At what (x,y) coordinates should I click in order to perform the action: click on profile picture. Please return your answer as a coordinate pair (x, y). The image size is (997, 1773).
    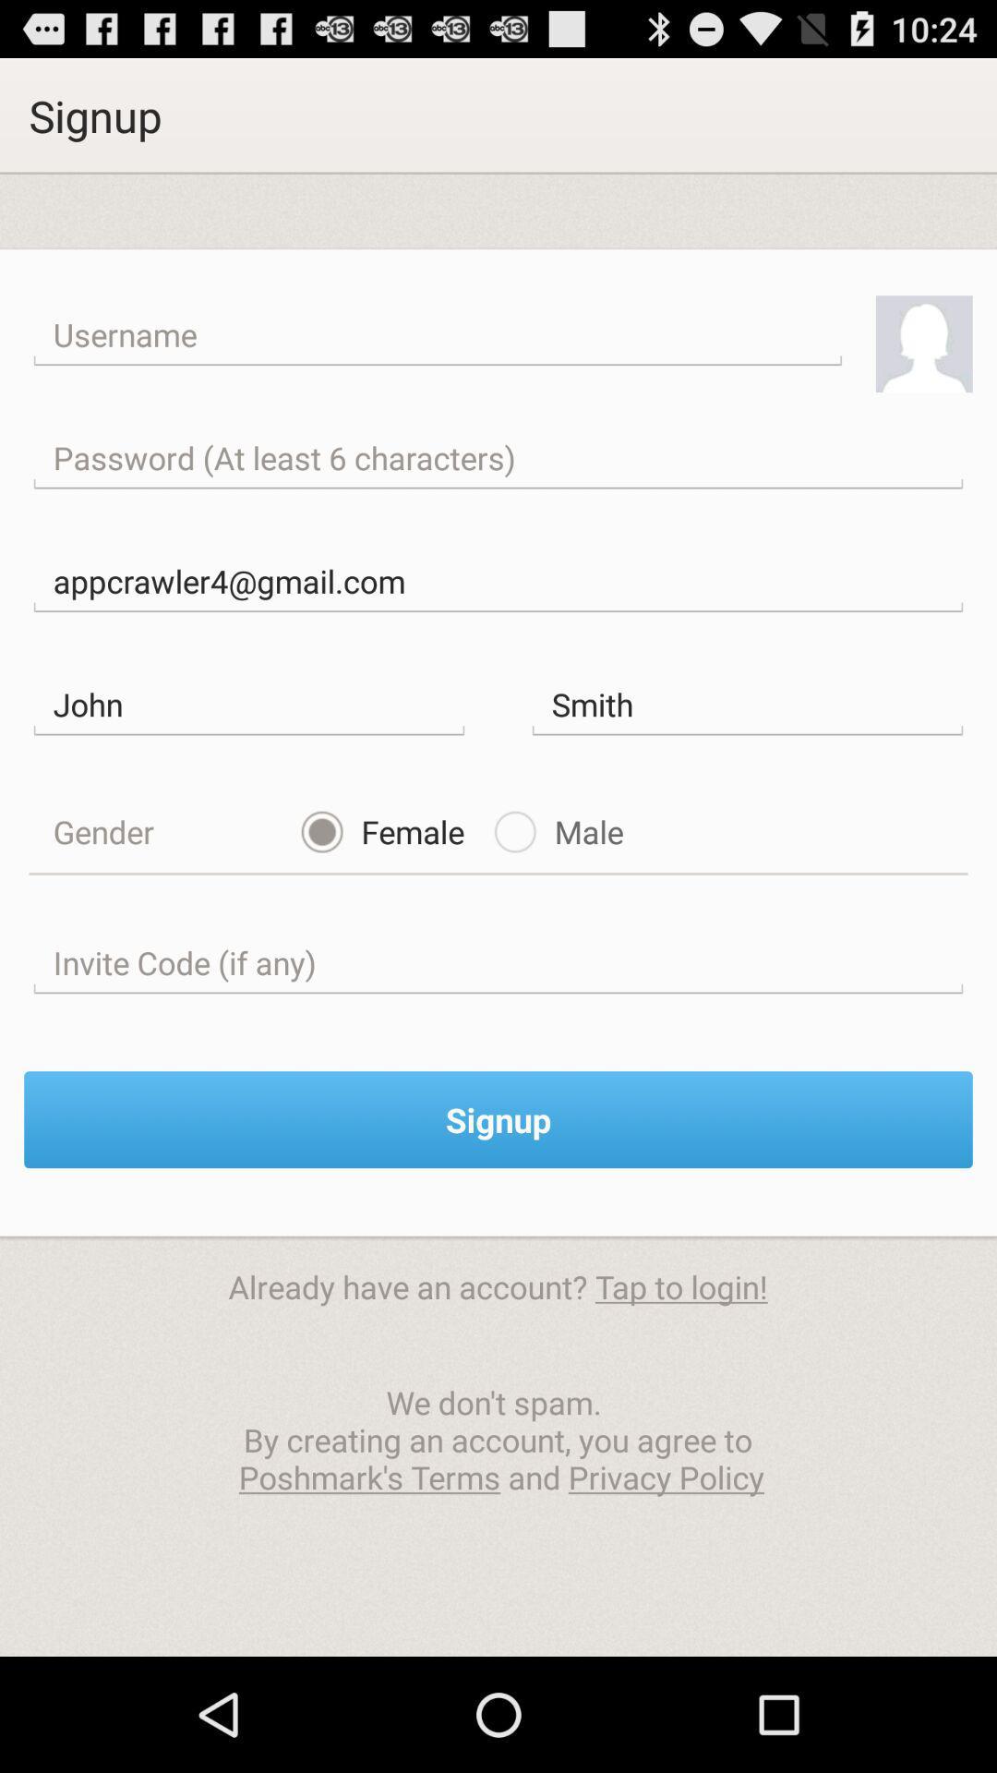
    Looking at the image, I should click on (924, 344).